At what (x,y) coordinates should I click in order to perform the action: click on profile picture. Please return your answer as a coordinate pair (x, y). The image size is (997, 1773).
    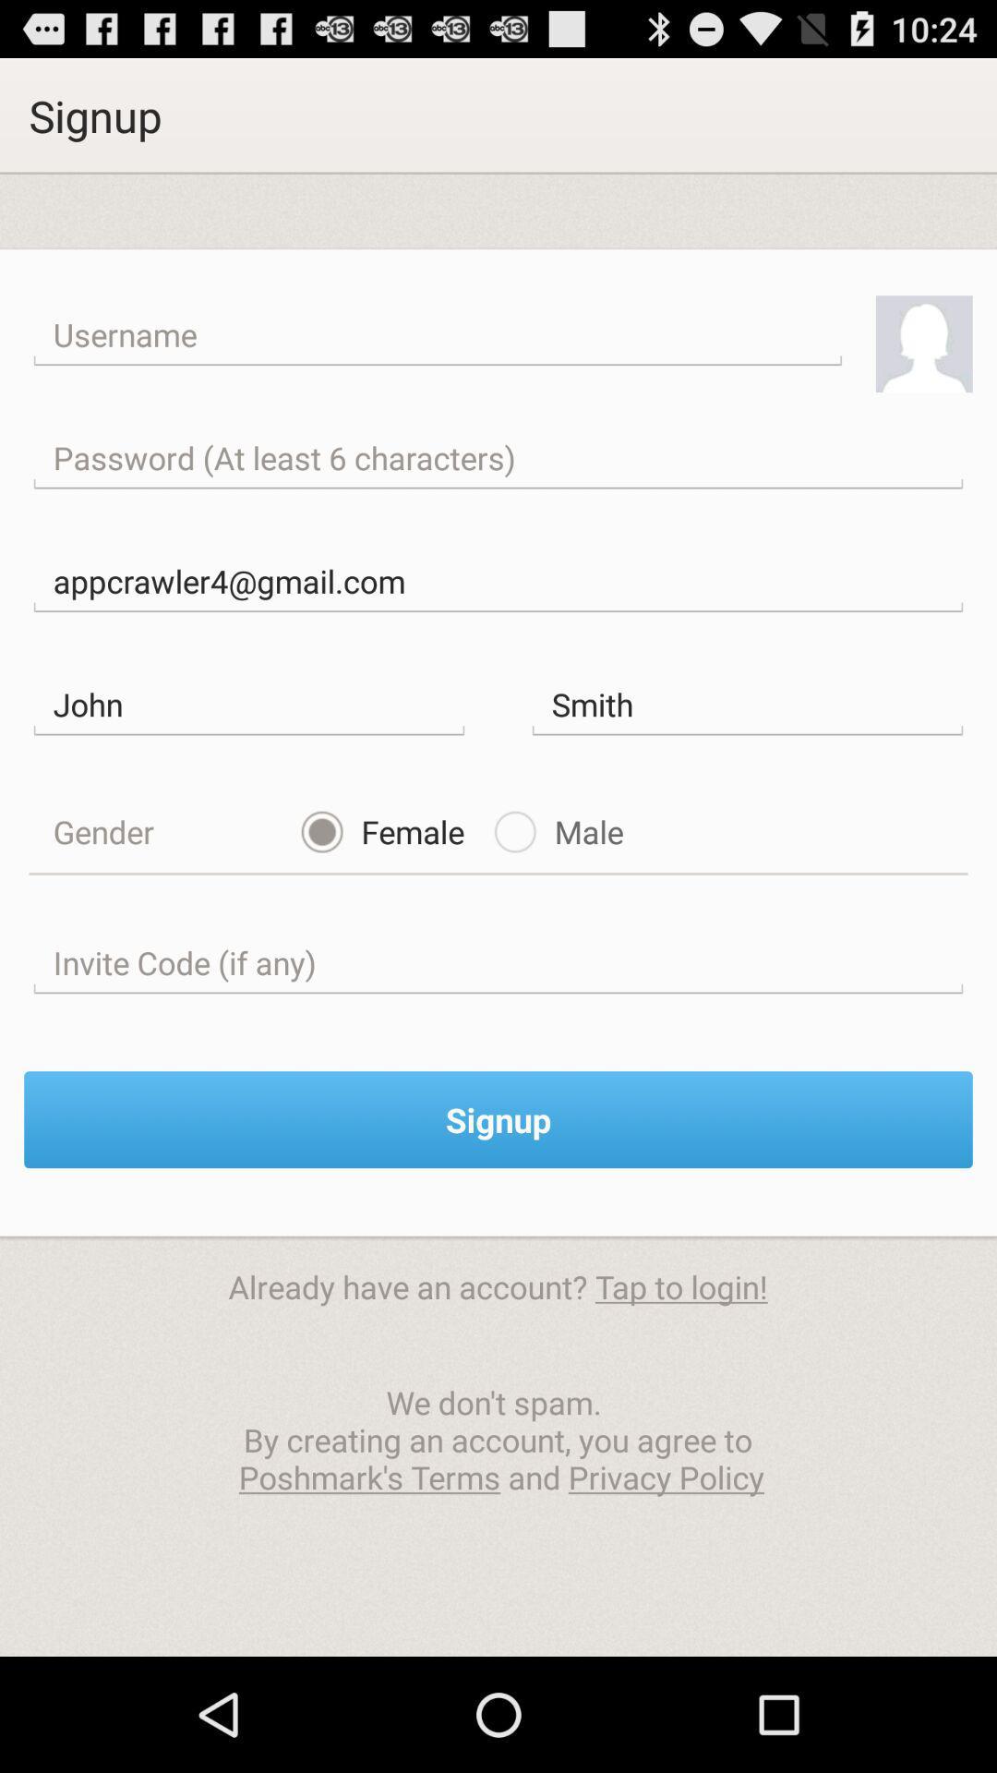
    Looking at the image, I should click on (924, 344).